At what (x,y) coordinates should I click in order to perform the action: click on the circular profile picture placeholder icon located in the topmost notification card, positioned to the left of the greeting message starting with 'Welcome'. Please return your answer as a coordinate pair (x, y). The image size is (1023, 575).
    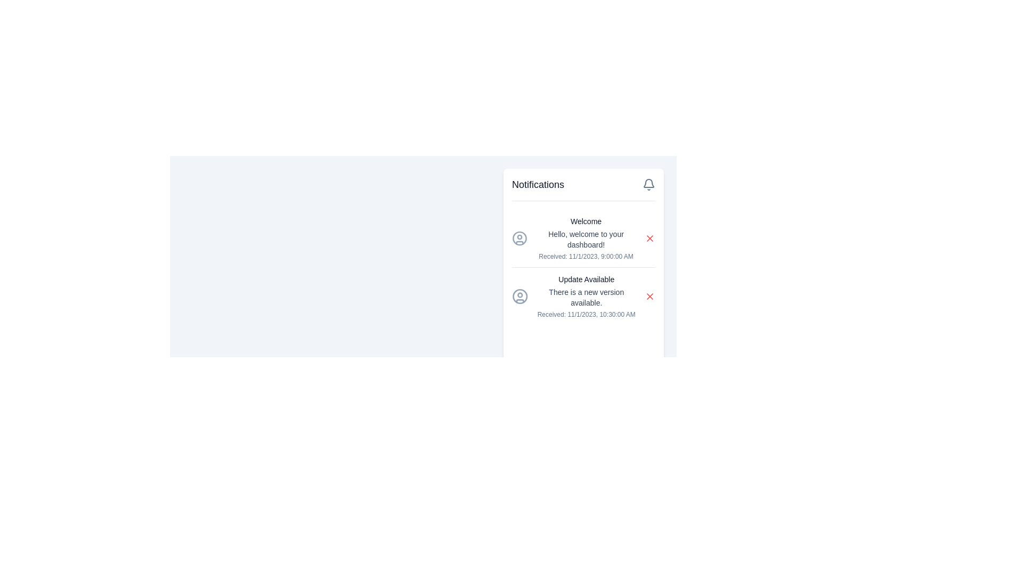
    Looking at the image, I should click on (519, 237).